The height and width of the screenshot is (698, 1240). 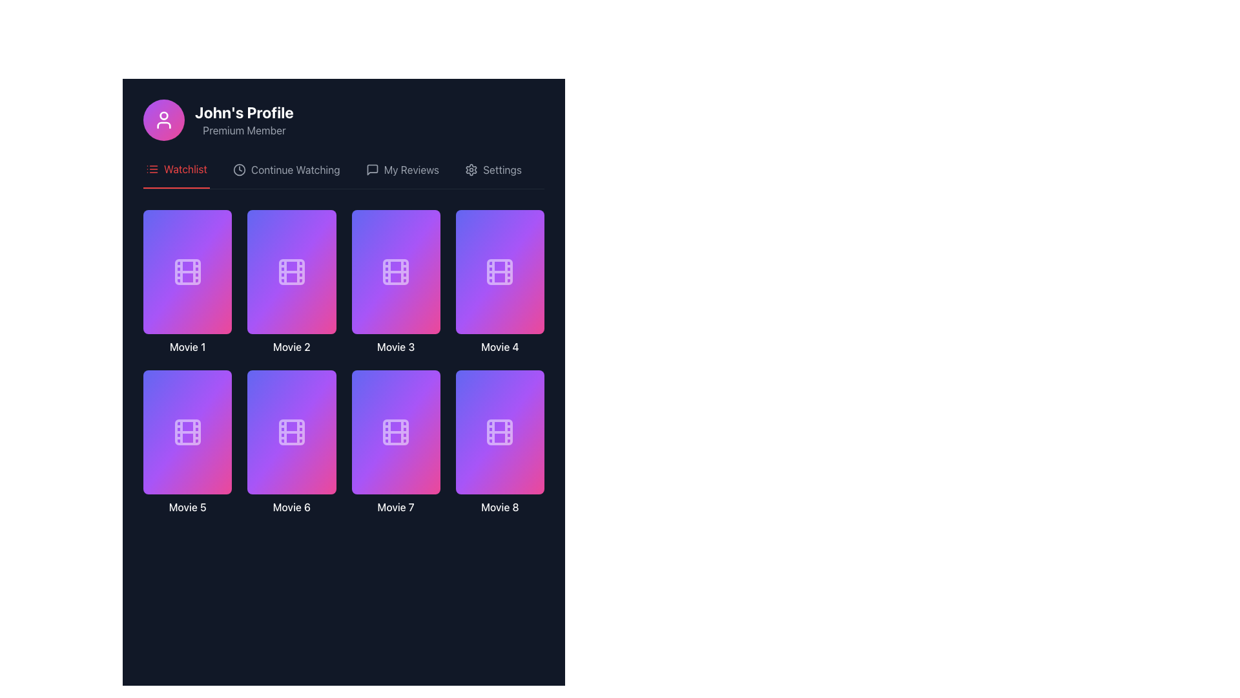 I want to click on the 'My Reviews' tab in the horizontal navigation bar, so click(x=402, y=174).